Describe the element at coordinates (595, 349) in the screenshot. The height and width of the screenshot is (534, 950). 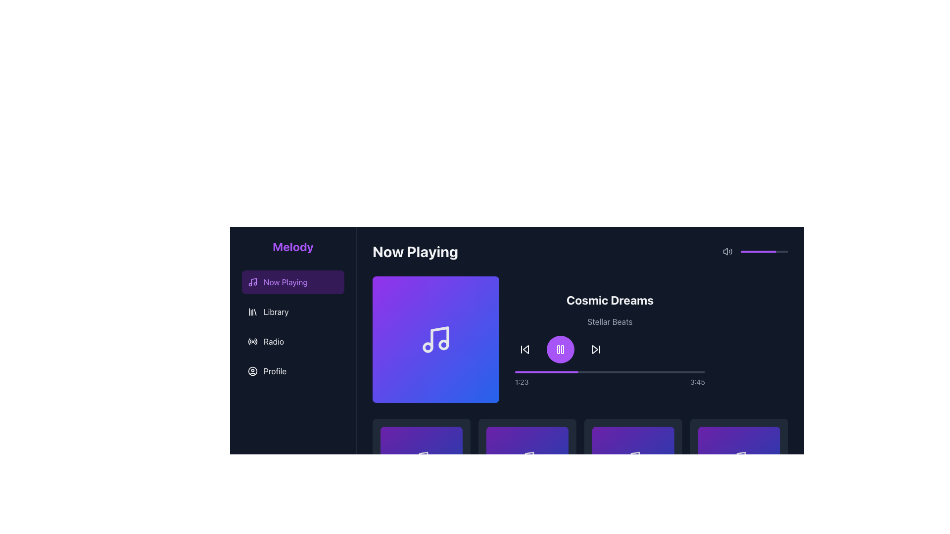
I see `the button that skips to the next track, which is the third interactive button in the horizontal row of control icons, located between the play/pause button and the progress bar` at that location.